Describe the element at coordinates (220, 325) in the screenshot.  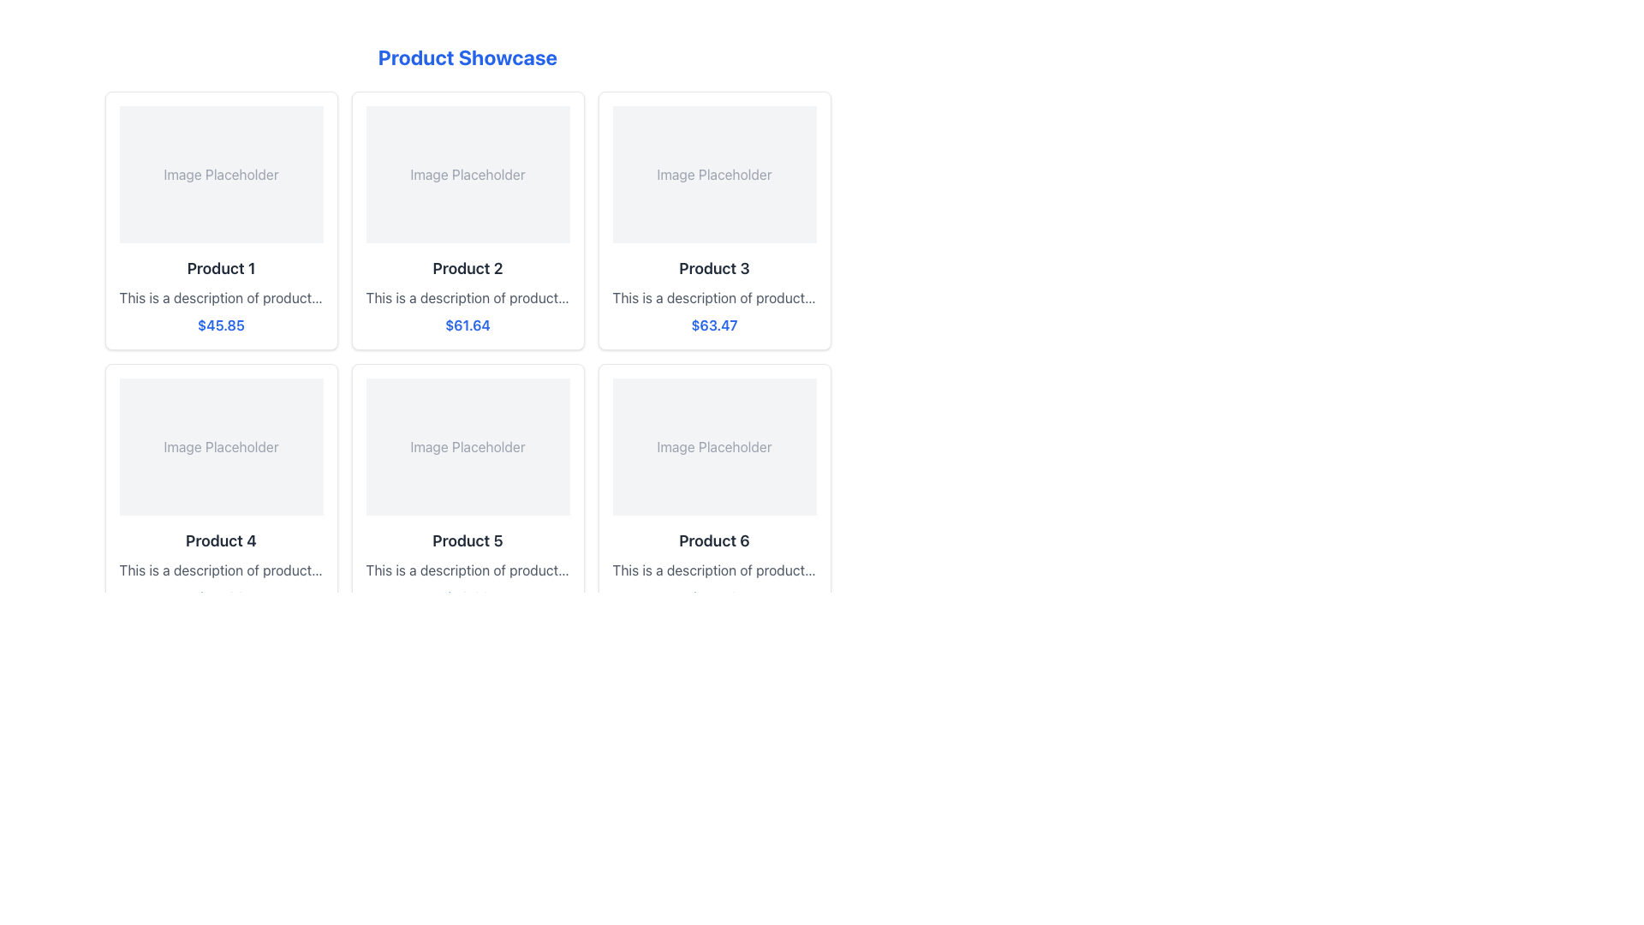
I see `the price display static text for 'Product 1,' located at the bottom section of its product card, centered horizontally above the card's border` at that location.